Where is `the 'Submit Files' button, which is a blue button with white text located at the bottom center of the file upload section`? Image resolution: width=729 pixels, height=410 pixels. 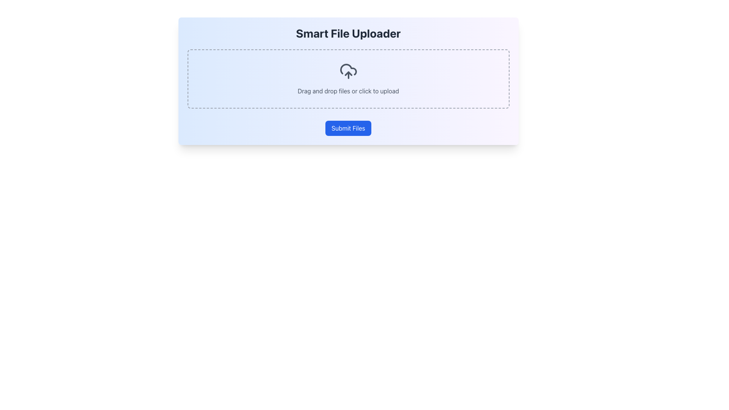
the 'Submit Files' button, which is a blue button with white text located at the bottom center of the file upload section is located at coordinates (348, 128).